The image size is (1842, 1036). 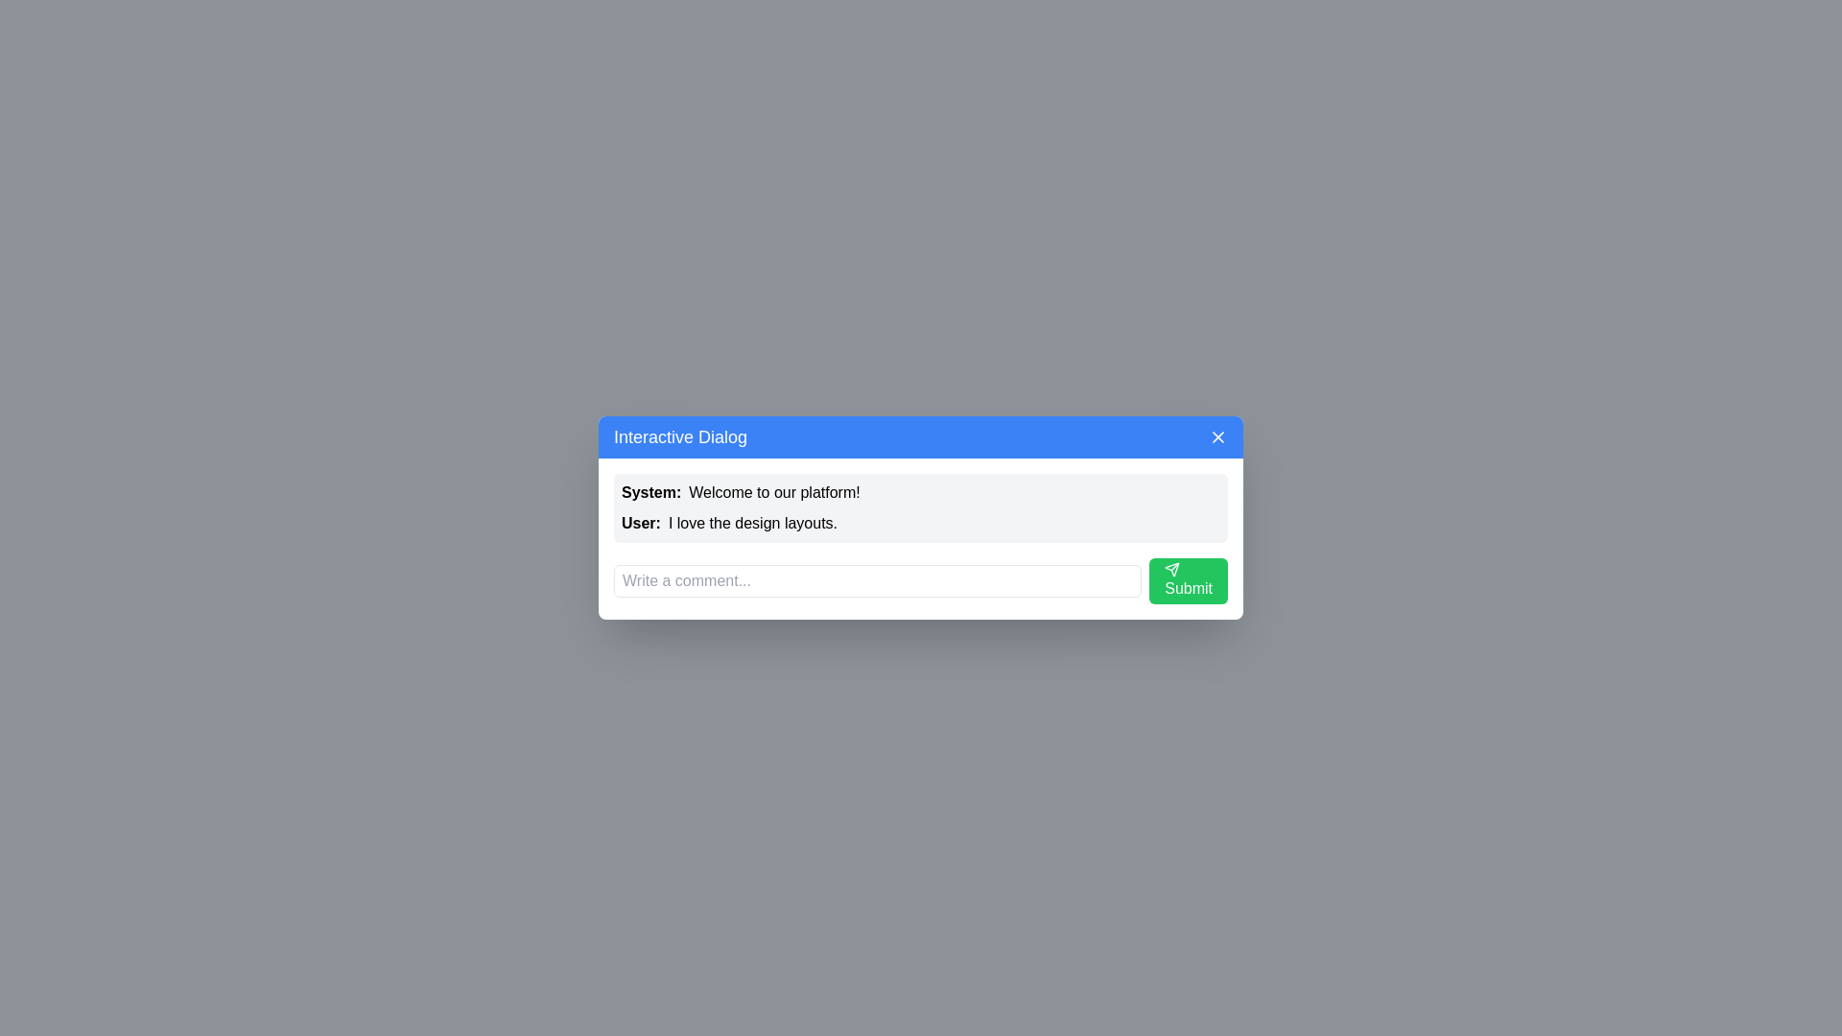 I want to click on the submit button to submit the comment, so click(x=1187, y=579).